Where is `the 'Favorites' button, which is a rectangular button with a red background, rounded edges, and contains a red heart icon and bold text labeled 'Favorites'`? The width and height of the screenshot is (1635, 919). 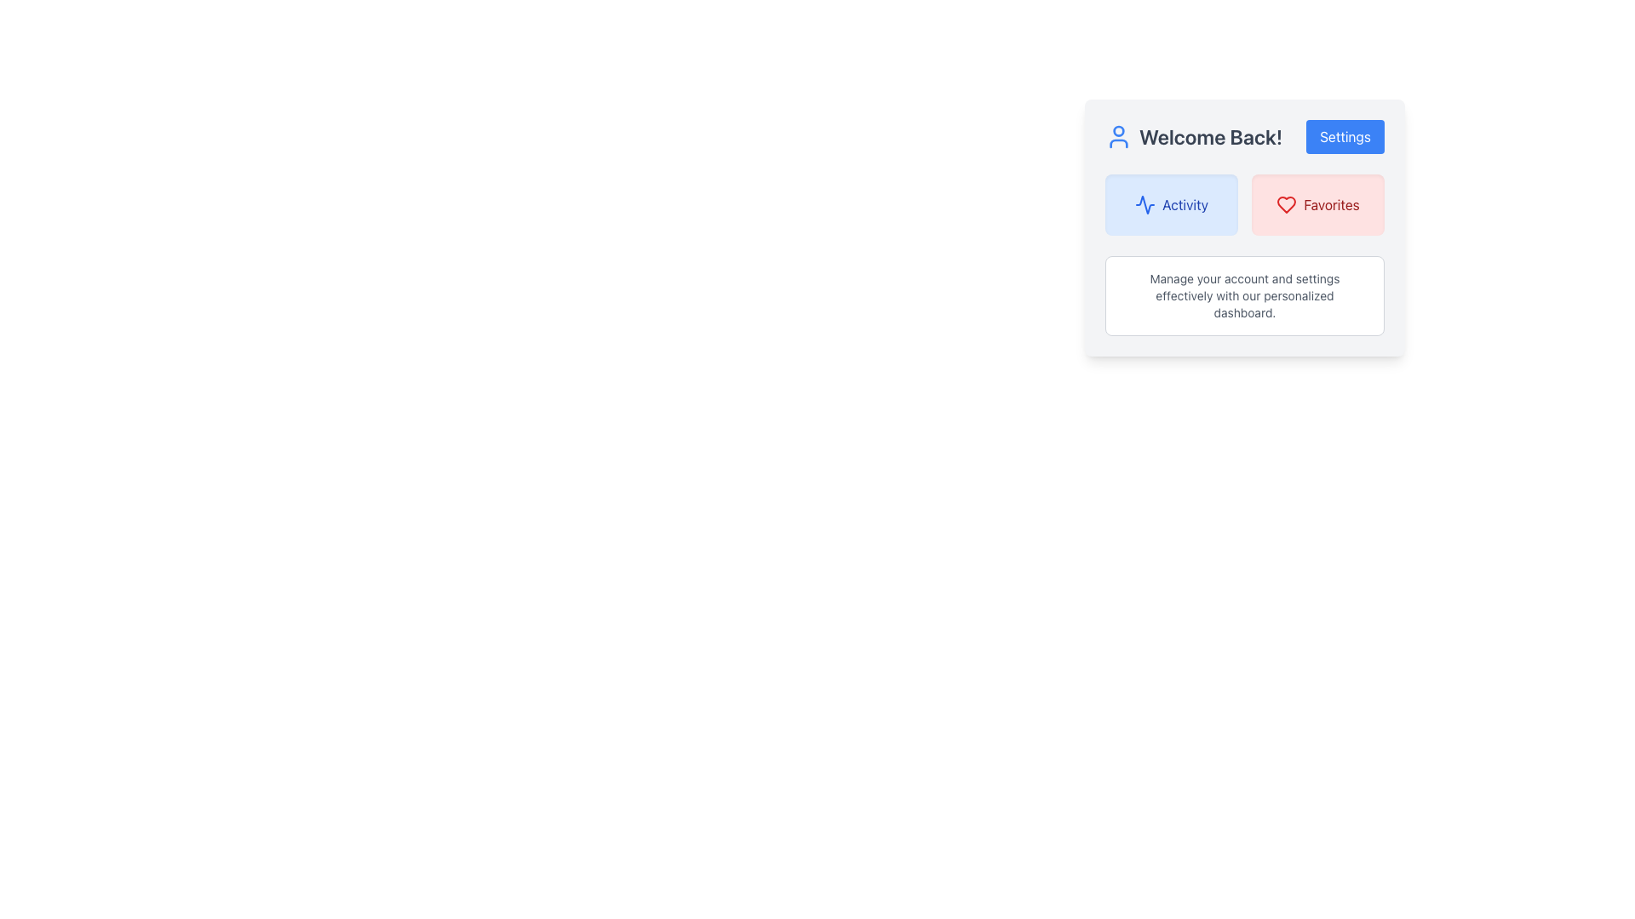
the 'Favorites' button, which is a rectangular button with a red background, rounded edges, and contains a red heart icon and bold text labeled 'Favorites' is located at coordinates (1317, 203).